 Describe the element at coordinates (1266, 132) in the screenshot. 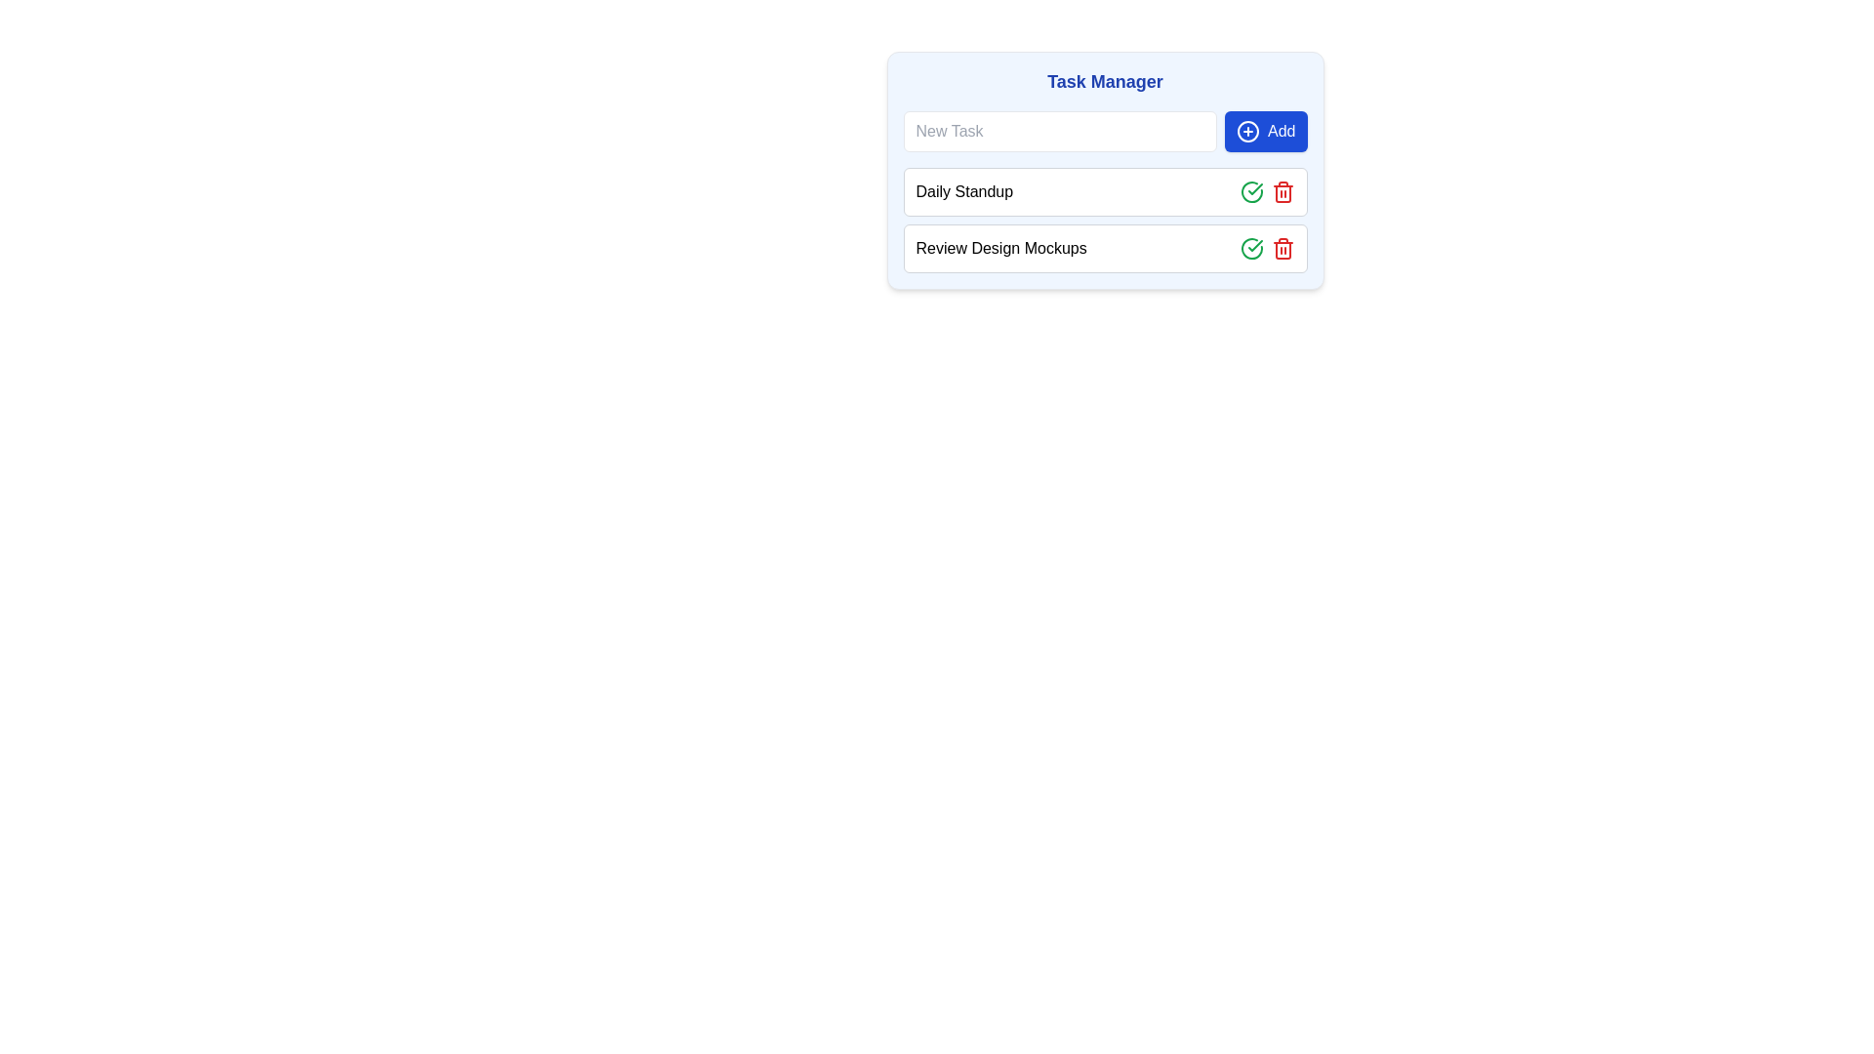

I see `the blue button with a white plus icon and 'Add' text` at that location.